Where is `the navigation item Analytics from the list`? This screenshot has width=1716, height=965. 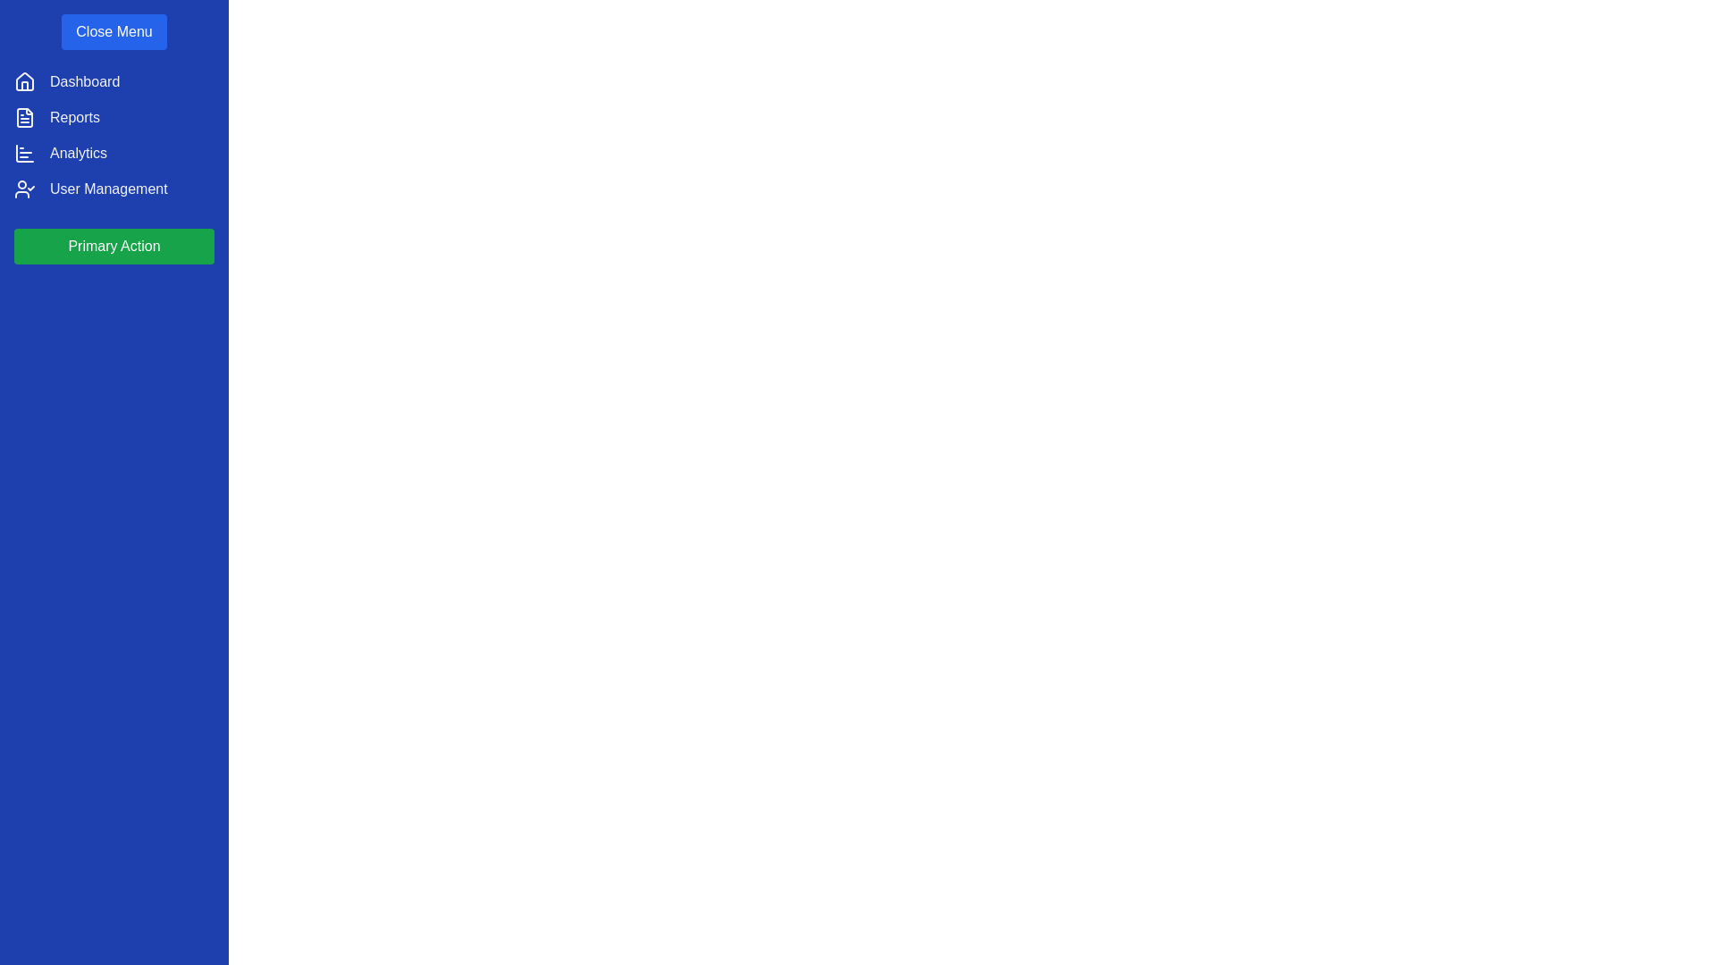
the navigation item Analytics from the list is located at coordinates (77, 153).